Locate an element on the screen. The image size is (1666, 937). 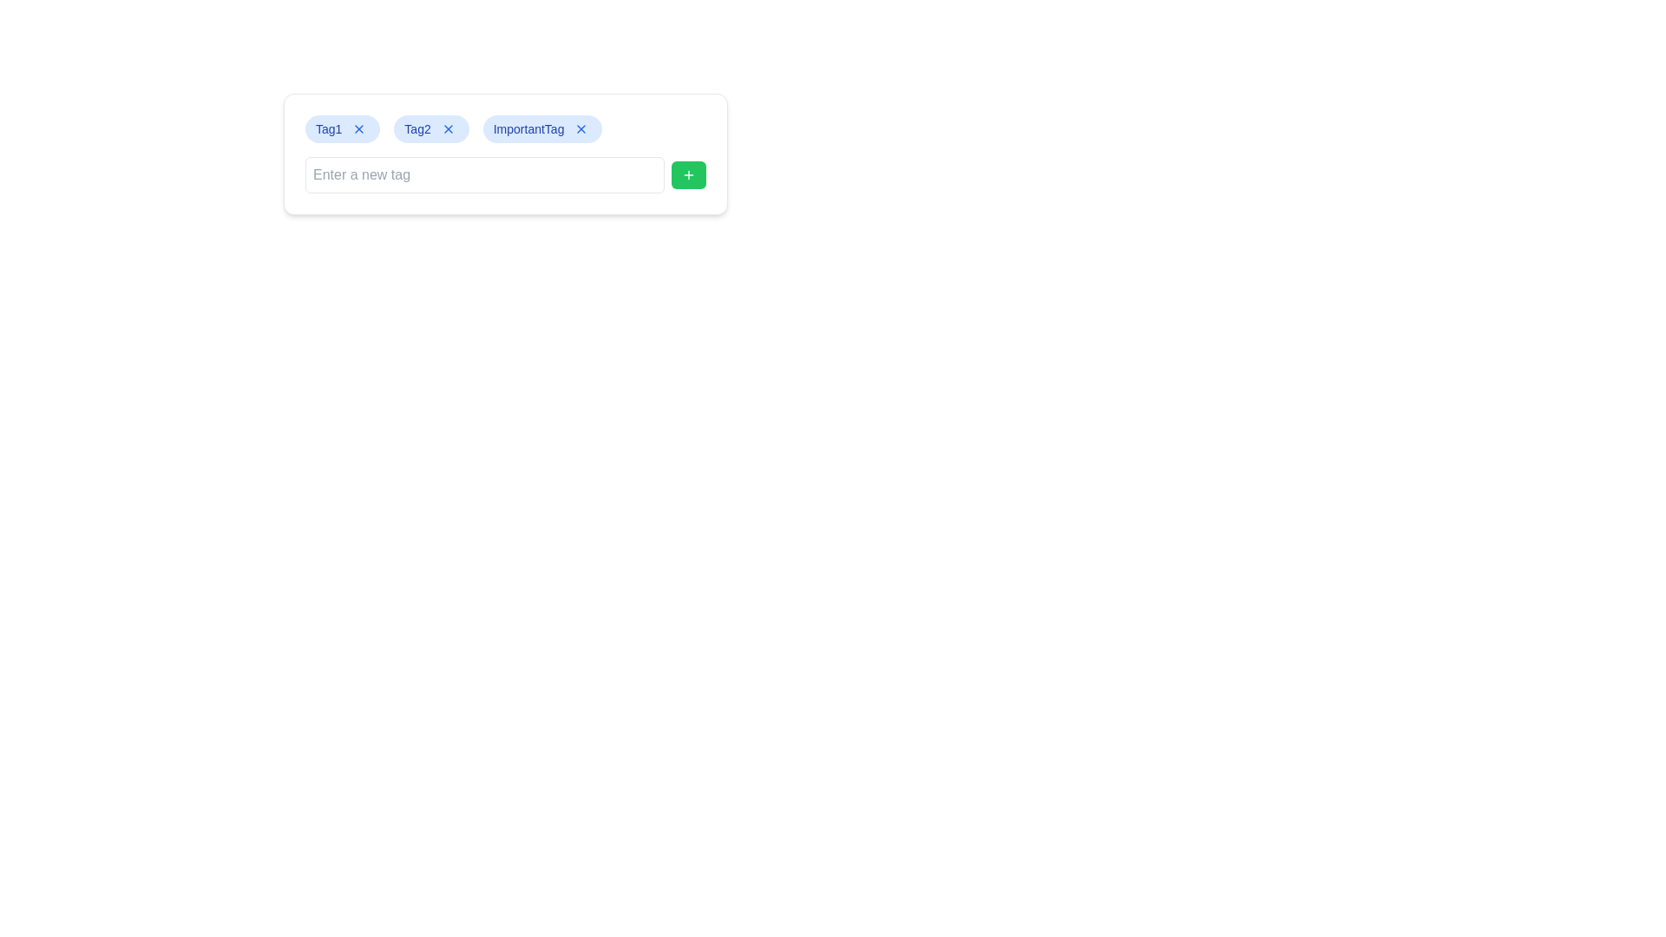
the close button icon shaped like an 'X' next to the tag labeled 'Tag2' to change its visual state is located at coordinates (448, 128).